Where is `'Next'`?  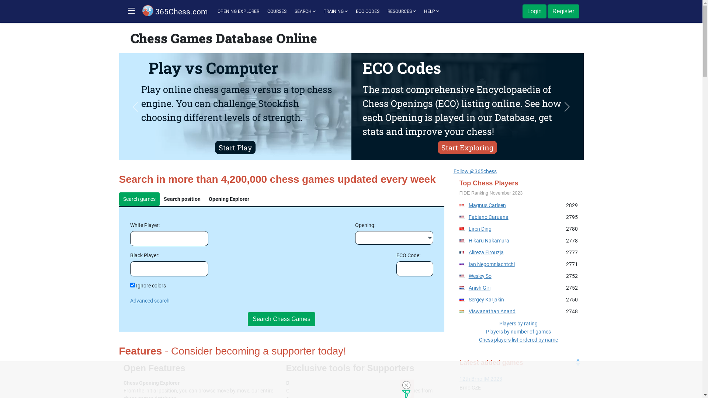 'Next' is located at coordinates (566, 107).